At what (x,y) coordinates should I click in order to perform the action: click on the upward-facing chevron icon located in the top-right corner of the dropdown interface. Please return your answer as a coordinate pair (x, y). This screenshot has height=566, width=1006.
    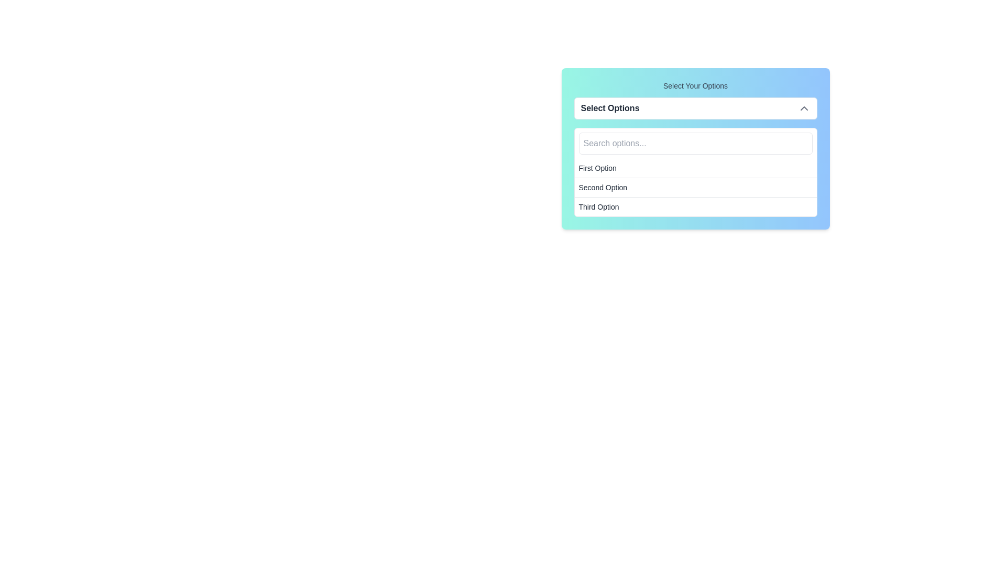
    Looking at the image, I should click on (803, 108).